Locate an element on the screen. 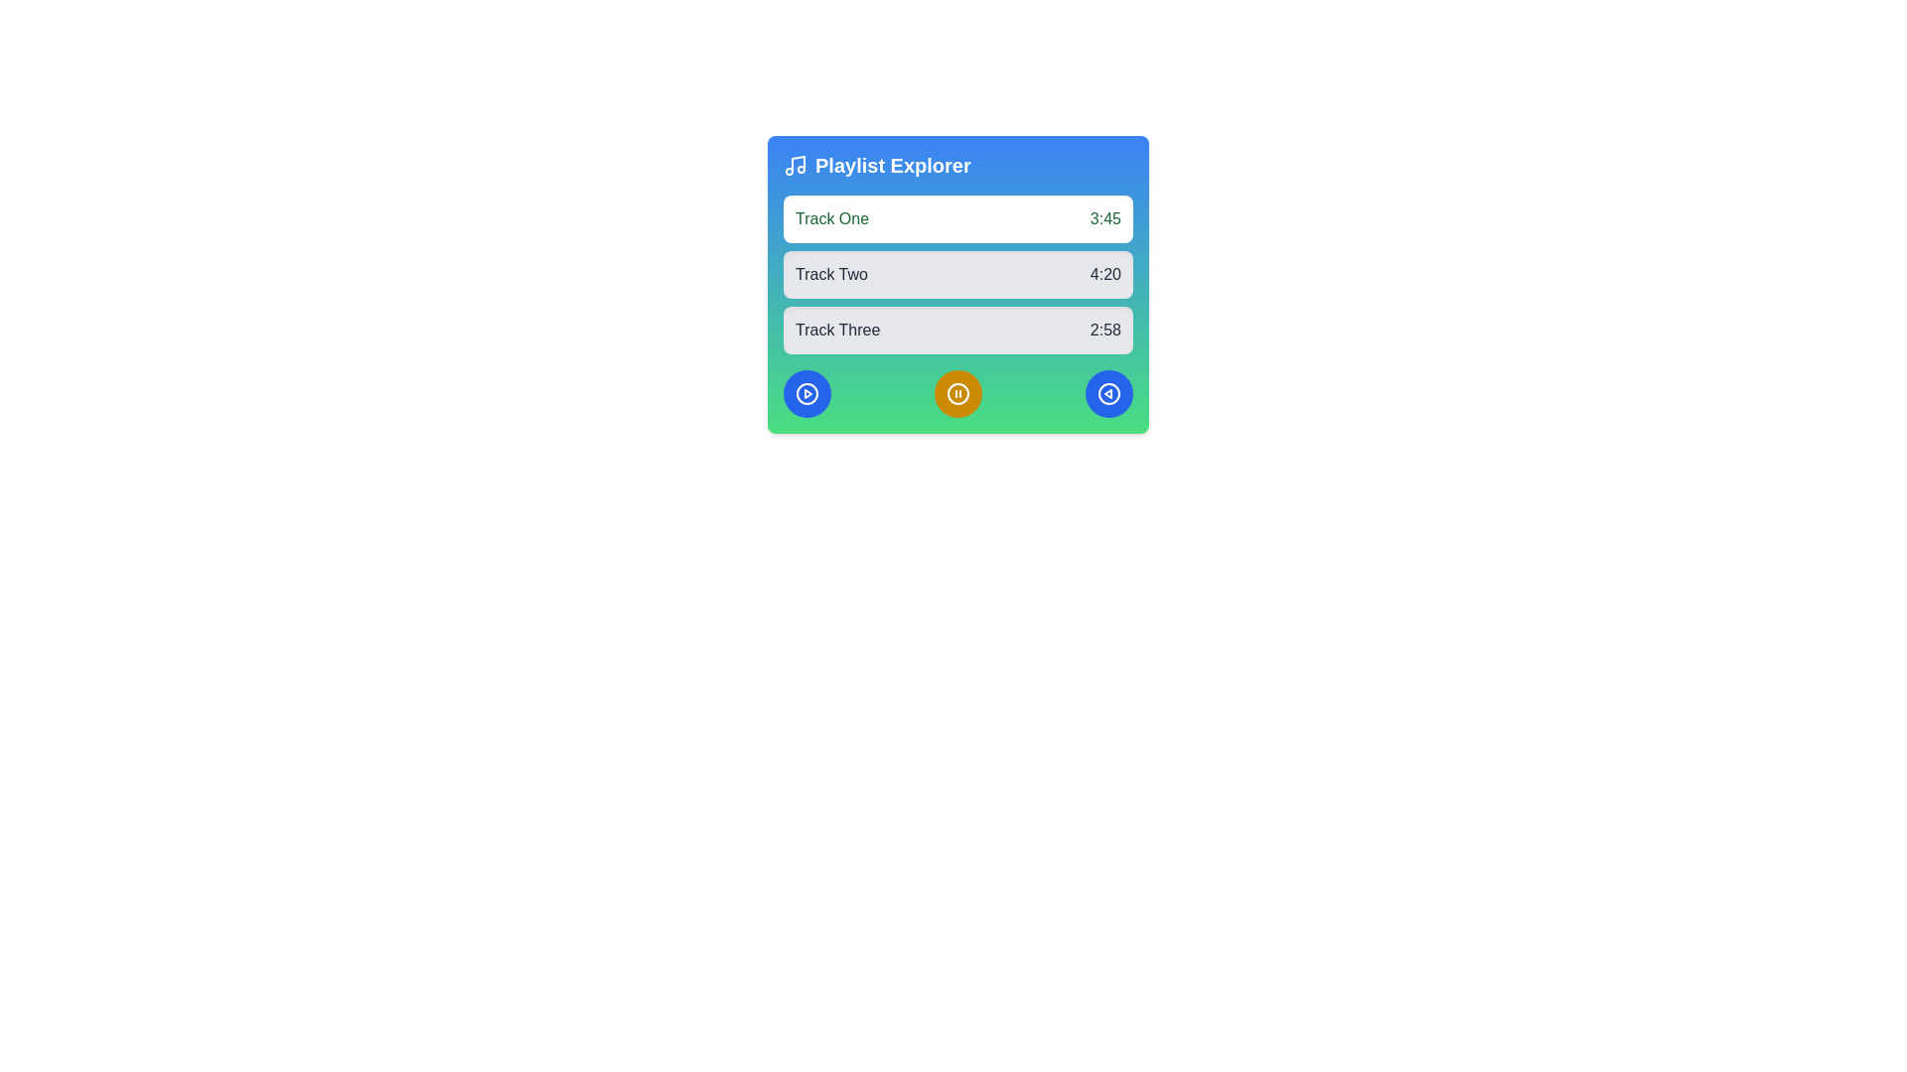 The width and height of the screenshot is (1907, 1072). track information displayed in the vertical list of tracks with their respective durations, which is centrally located below the title 'Playlist Explorer' is located at coordinates (957, 275).